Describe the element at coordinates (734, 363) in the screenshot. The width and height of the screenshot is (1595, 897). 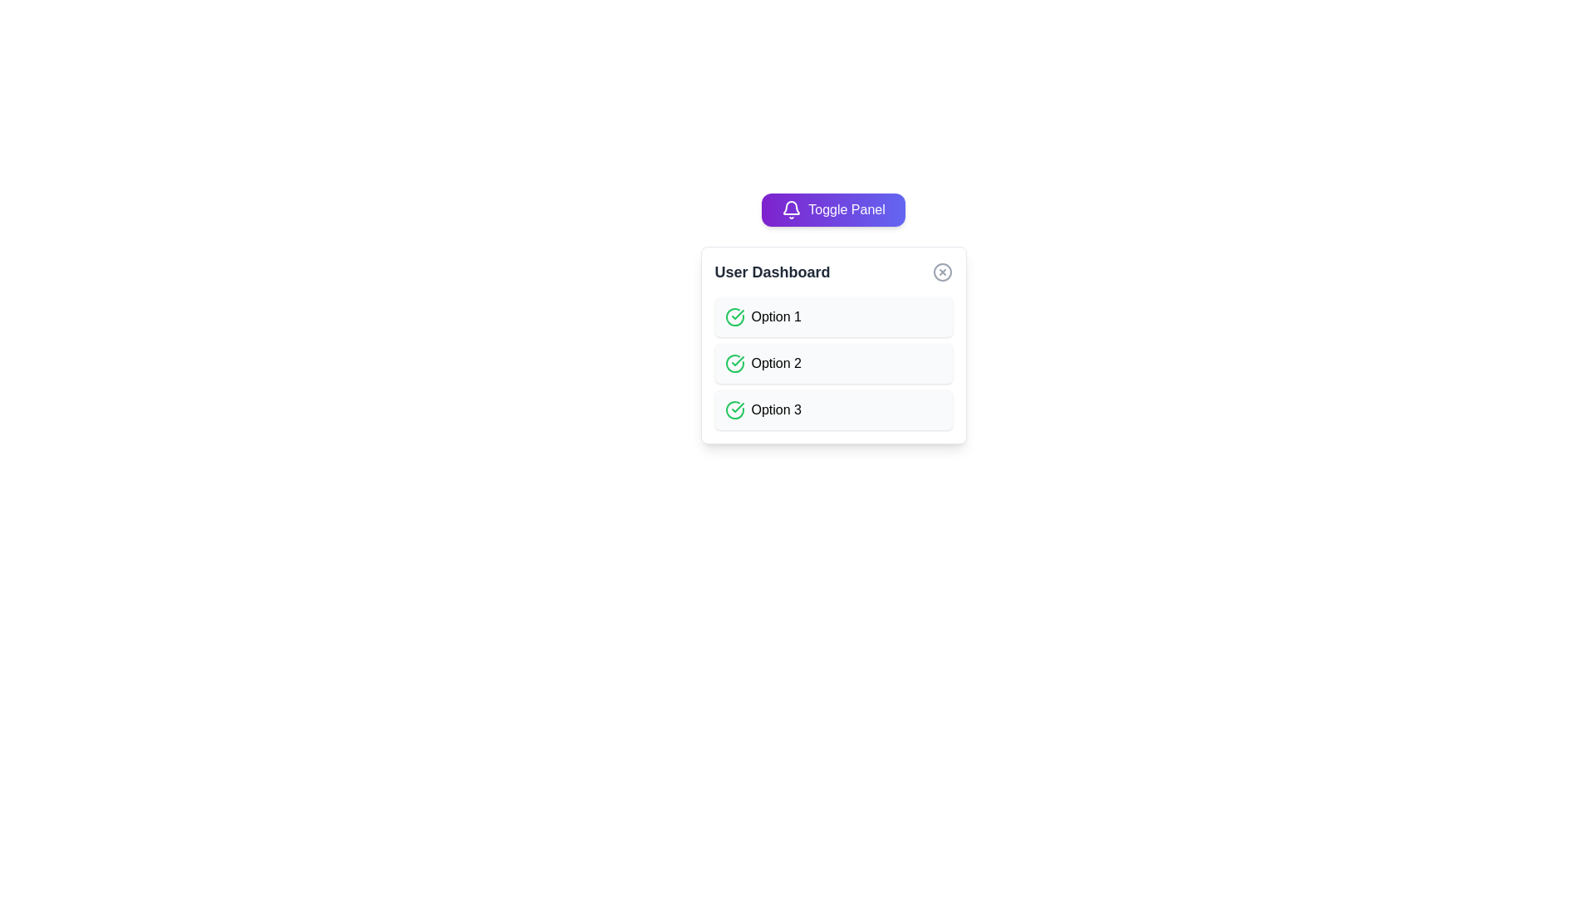
I see `the state of the status icon located to the left of the 'Option 2' label in the second row of the vertically-aligned list of options` at that location.